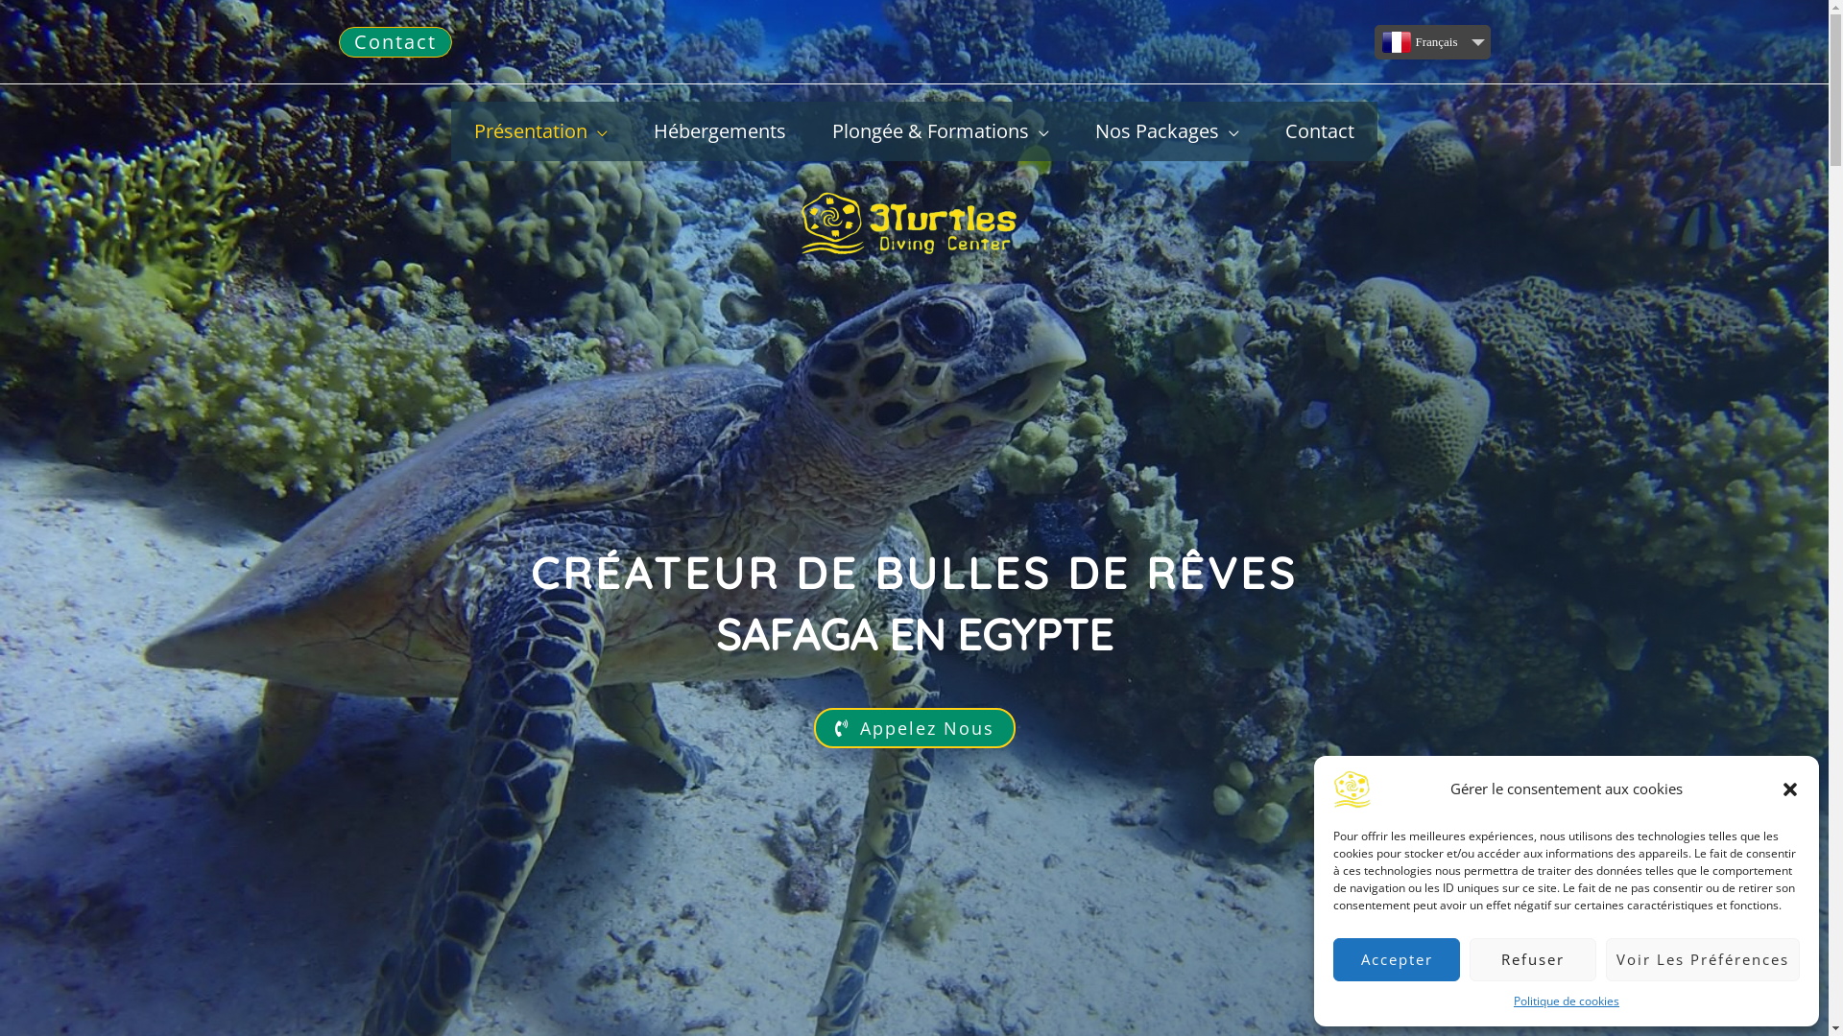 The width and height of the screenshot is (1843, 1036). I want to click on 'Politique de cookies', so click(1513, 1001).